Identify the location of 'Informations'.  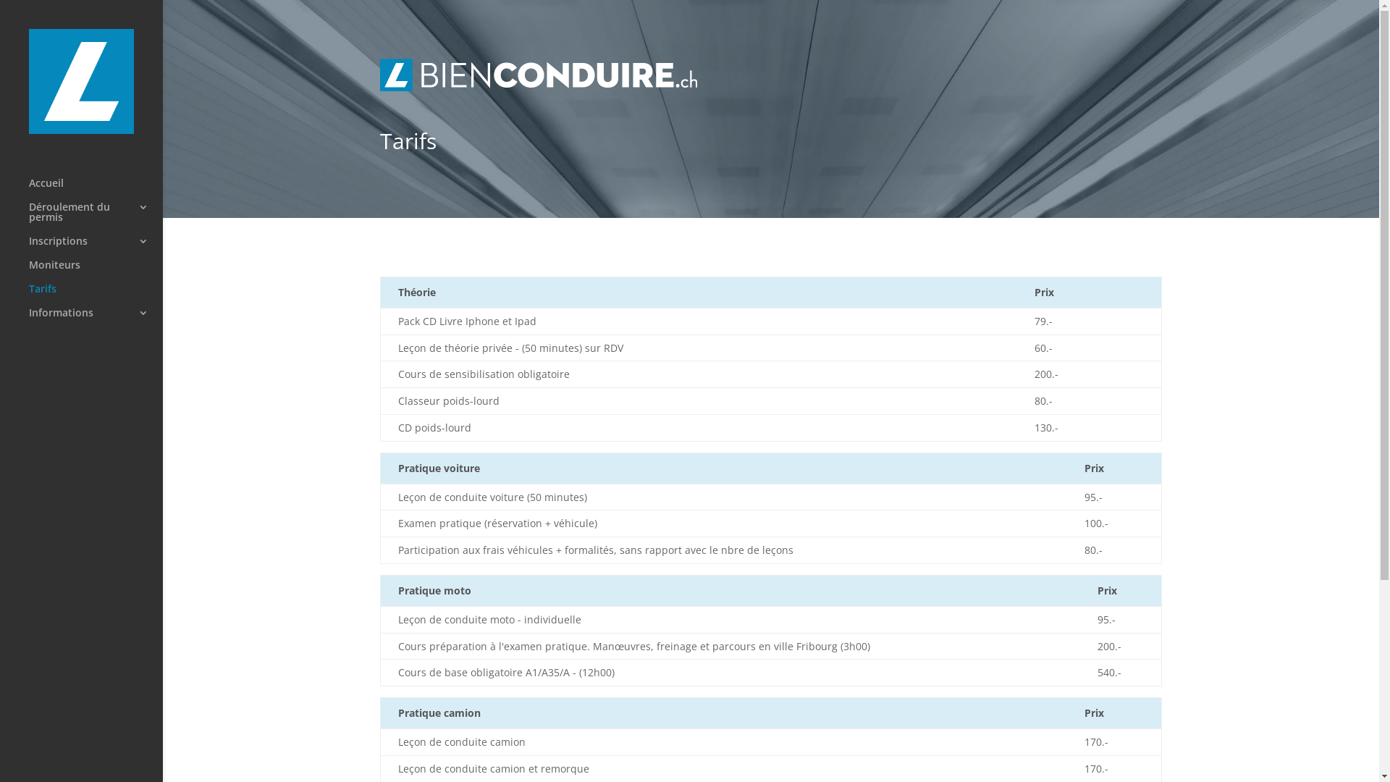
(95, 319).